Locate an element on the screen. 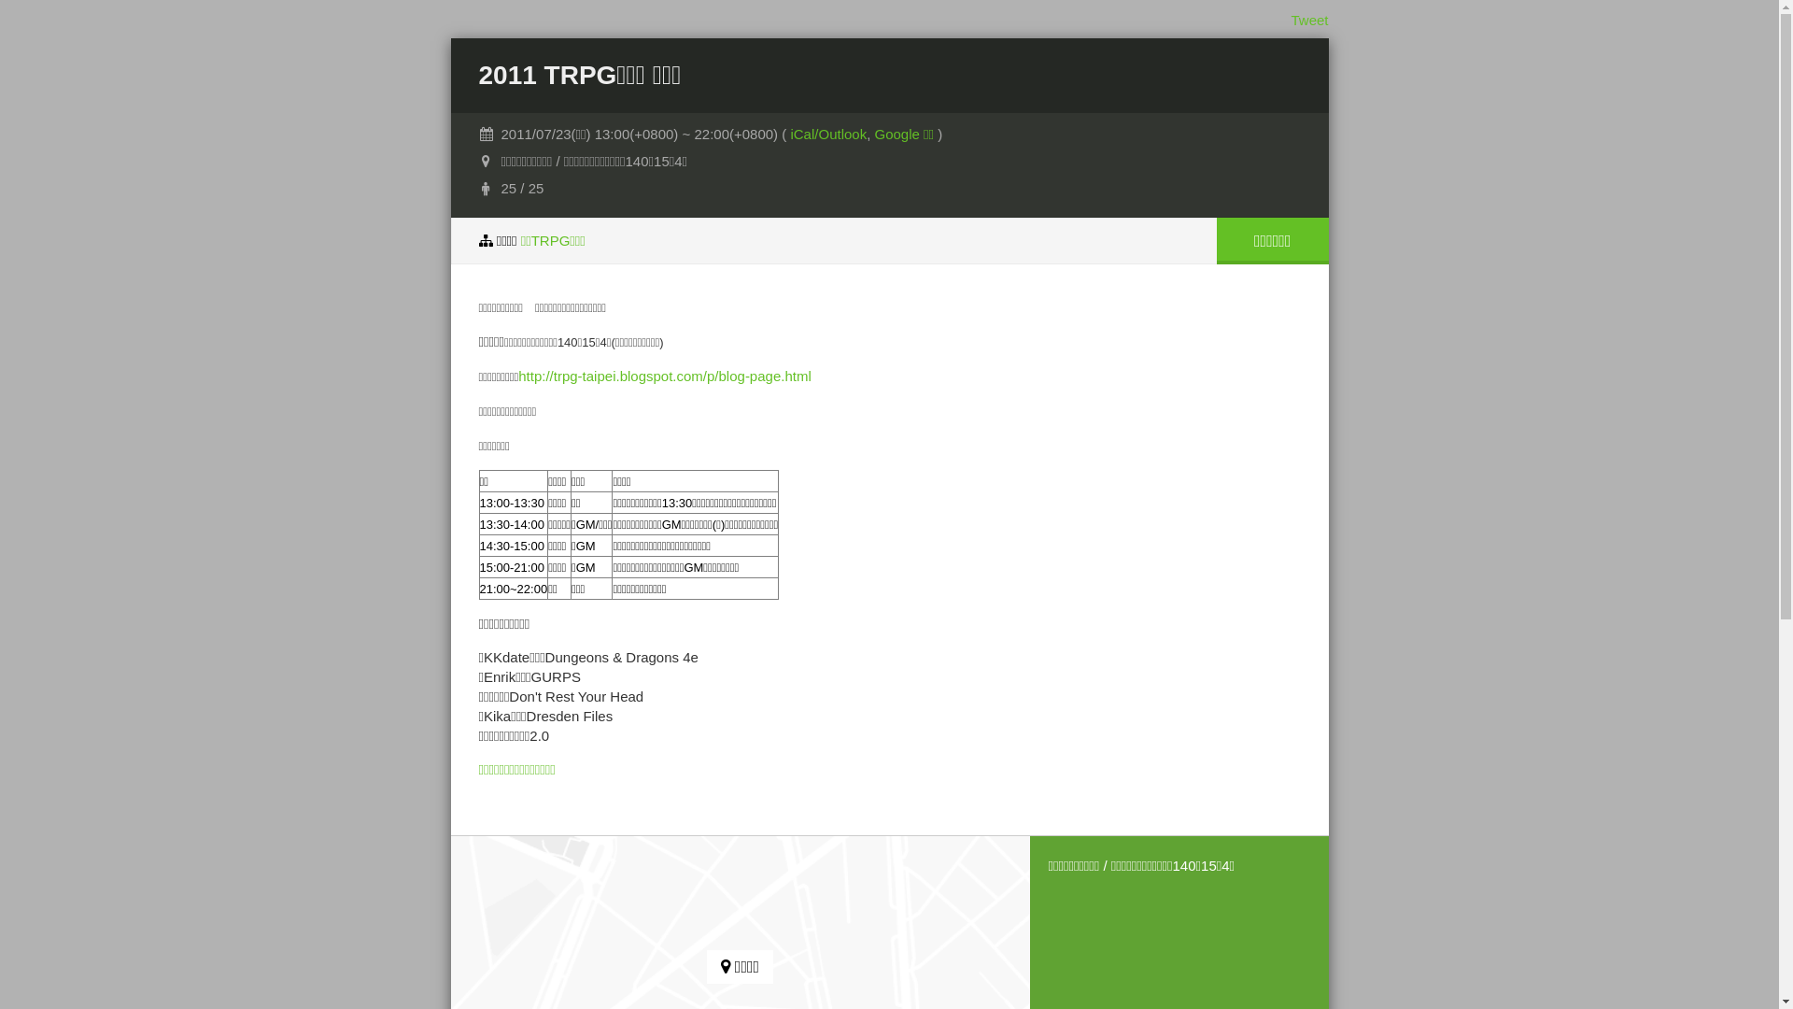 The height and width of the screenshot is (1009, 1793). 'Tweet' is located at coordinates (1307, 20).